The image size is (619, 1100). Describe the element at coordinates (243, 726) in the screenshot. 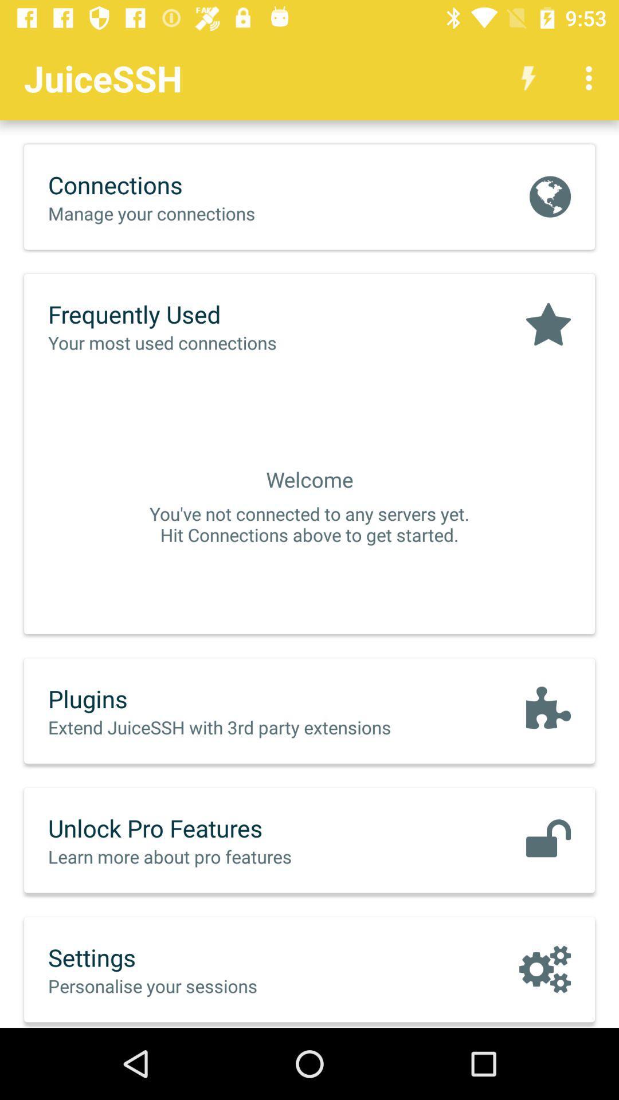

I see `extend juicessh with item` at that location.